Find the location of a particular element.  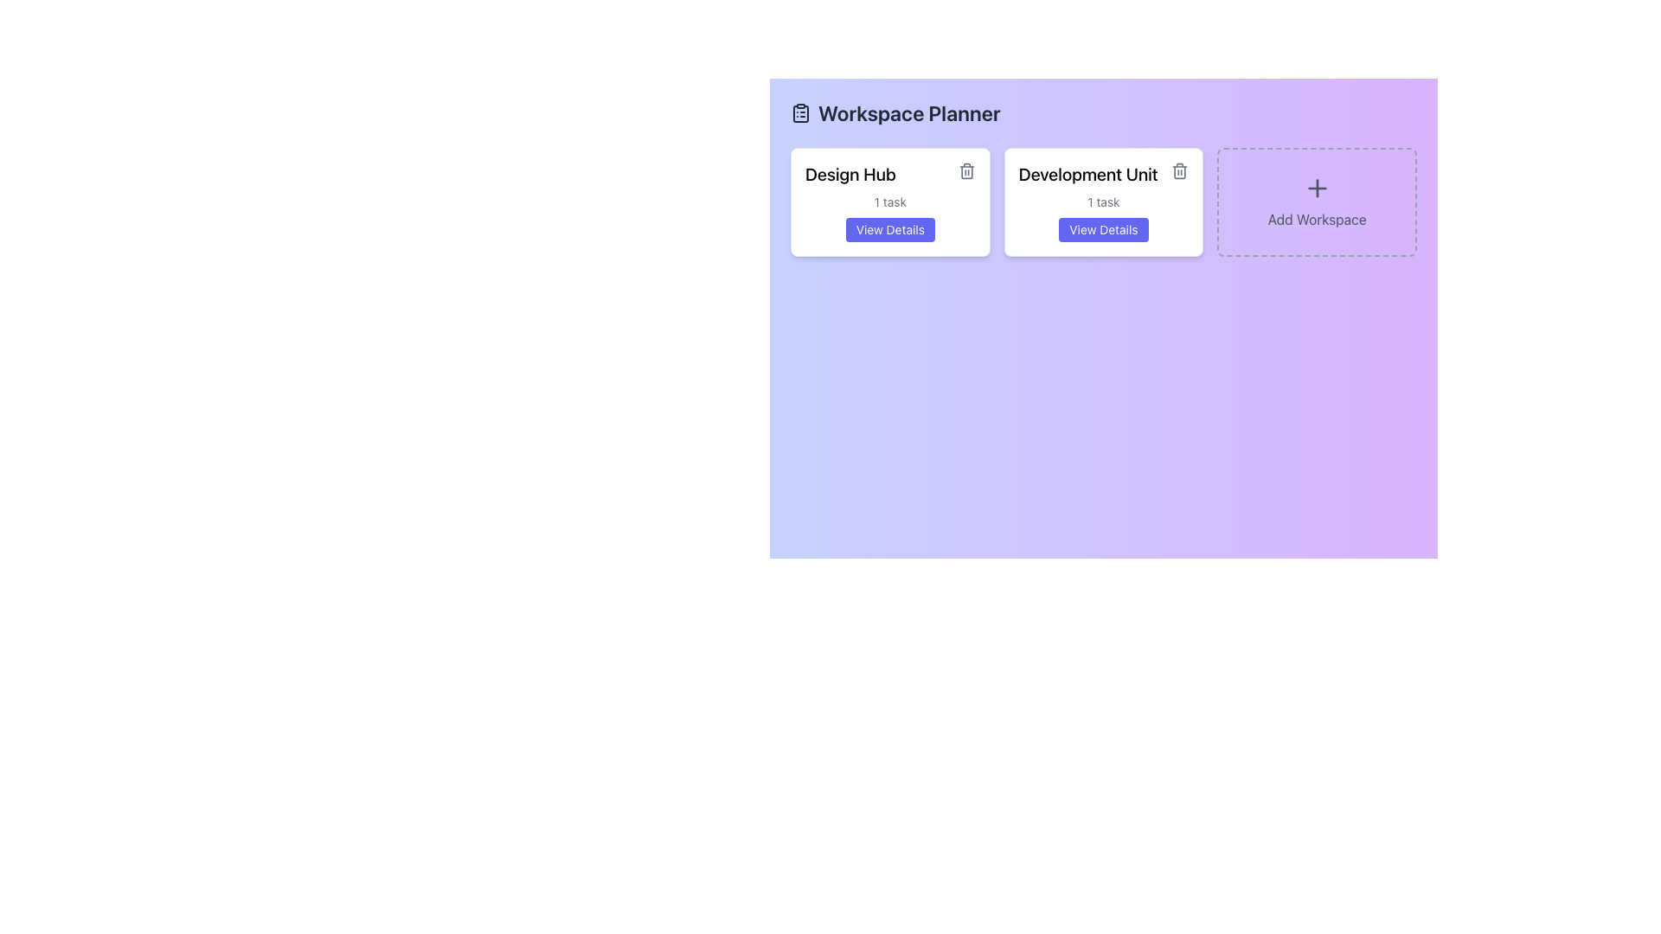

the 'Development Unit' text label, which is styled with a bold font and located within the second card of workspace cards, above the task count is located at coordinates (1087, 174).